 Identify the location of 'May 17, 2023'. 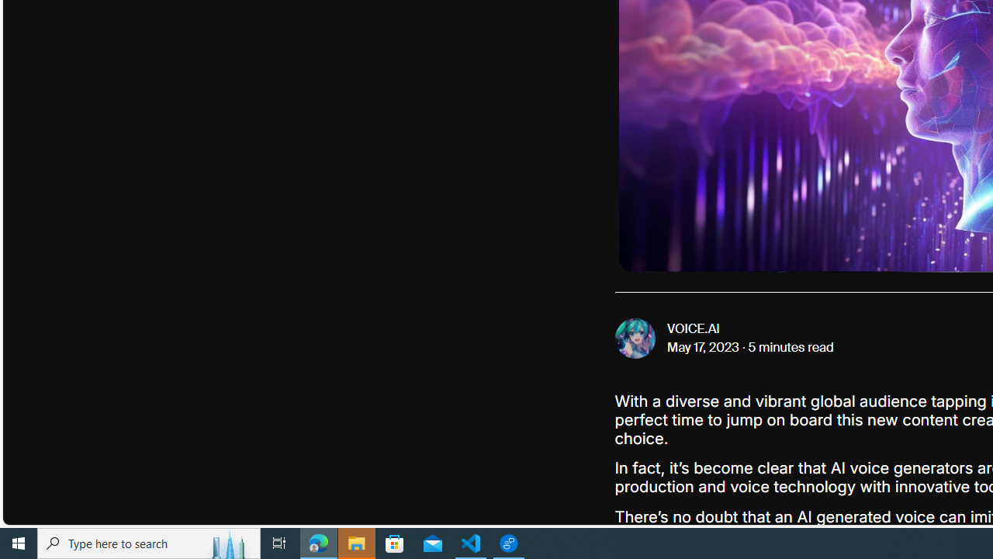
(703, 347).